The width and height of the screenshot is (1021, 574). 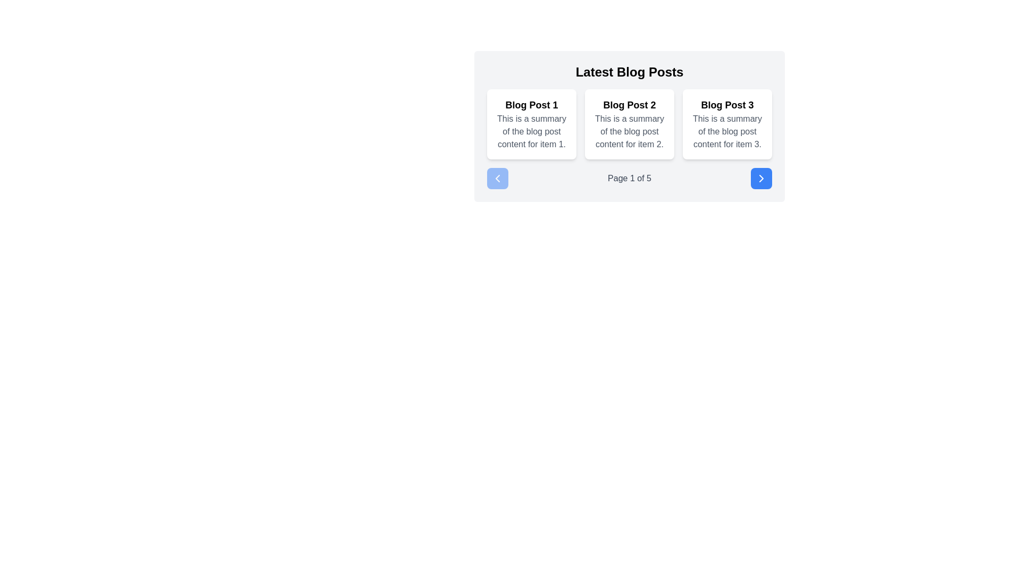 What do you see at coordinates (630, 105) in the screenshot?
I see `title of the blog post summary card located at the top center of the second card in a group of three horizontally aligned cards` at bounding box center [630, 105].